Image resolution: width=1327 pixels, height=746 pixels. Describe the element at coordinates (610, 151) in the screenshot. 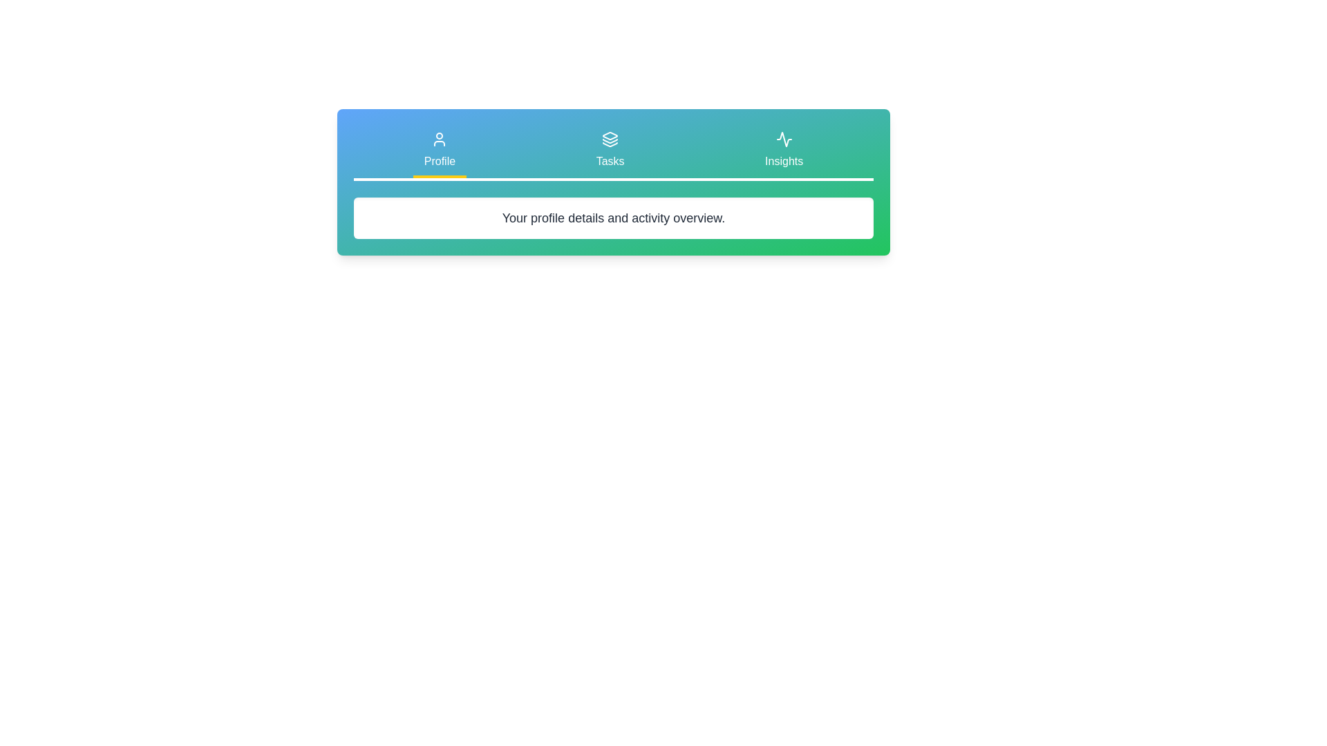

I see `the tab labeled Tasks` at that location.